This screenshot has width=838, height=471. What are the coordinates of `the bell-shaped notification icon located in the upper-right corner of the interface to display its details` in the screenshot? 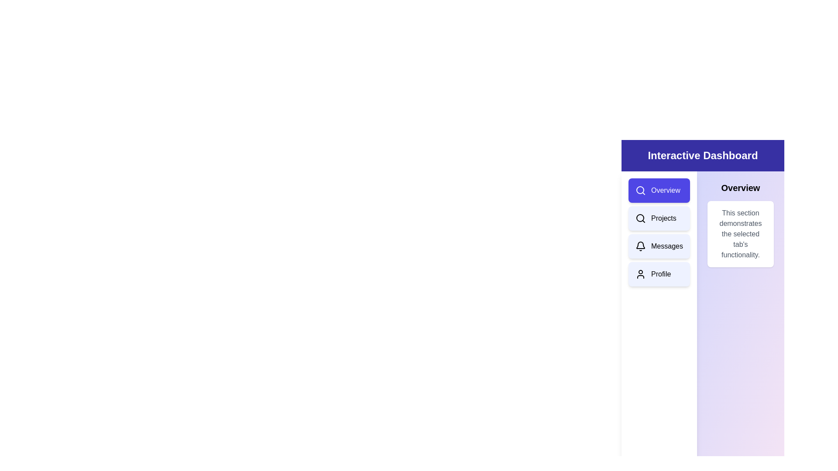 It's located at (641, 245).